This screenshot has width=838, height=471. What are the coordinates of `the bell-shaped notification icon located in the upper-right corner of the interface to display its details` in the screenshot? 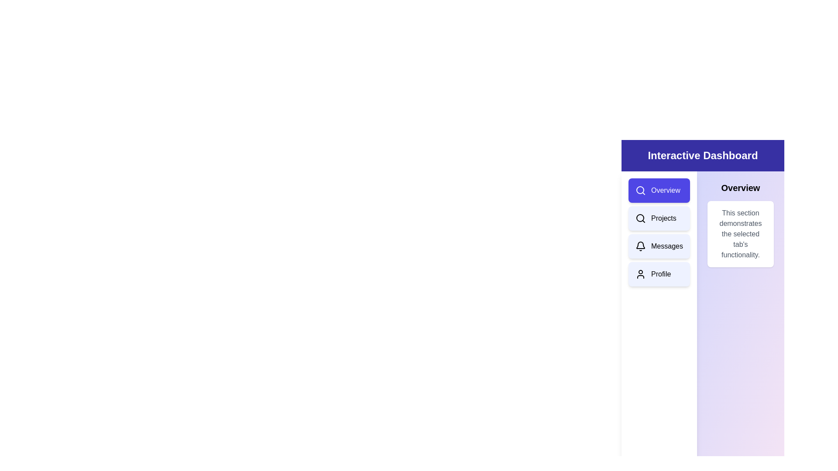 It's located at (641, 245).